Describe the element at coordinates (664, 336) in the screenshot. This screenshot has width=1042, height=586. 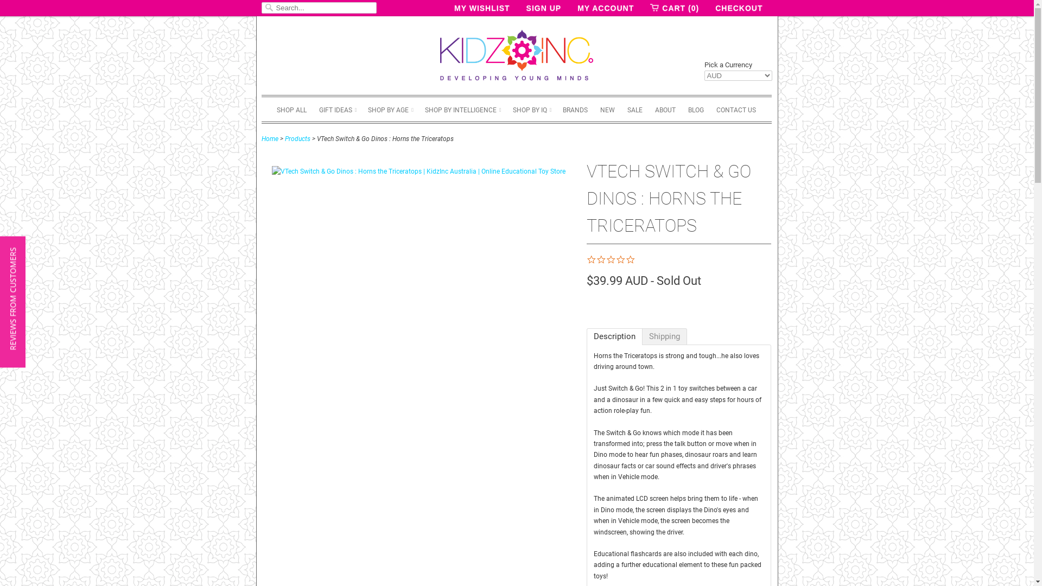
I see `'Shipping'` at that location.